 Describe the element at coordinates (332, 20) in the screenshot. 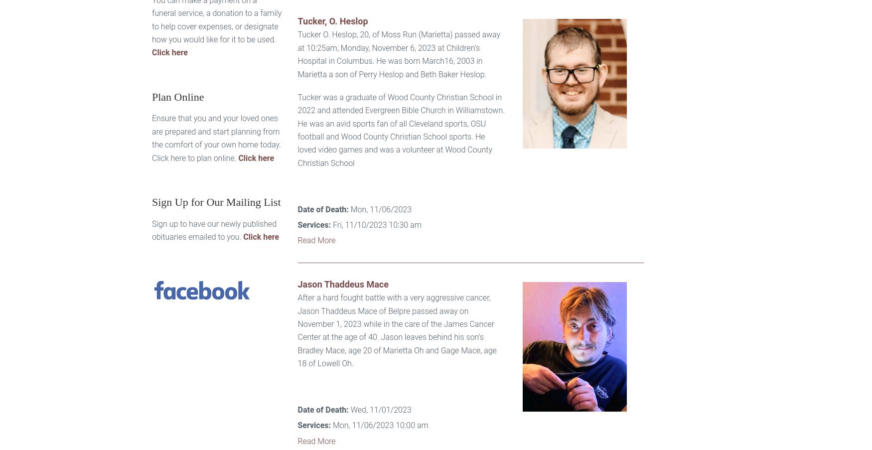

I see `'Tucker, O. Heslop'` at that location.